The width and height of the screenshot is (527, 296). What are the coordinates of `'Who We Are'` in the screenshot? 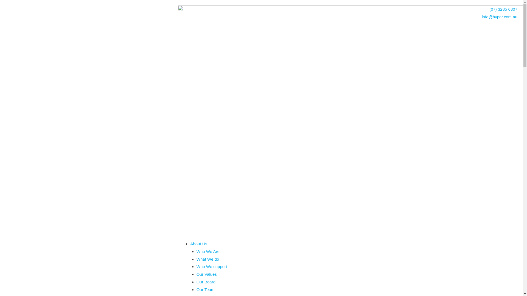 It's located at (208, 251).